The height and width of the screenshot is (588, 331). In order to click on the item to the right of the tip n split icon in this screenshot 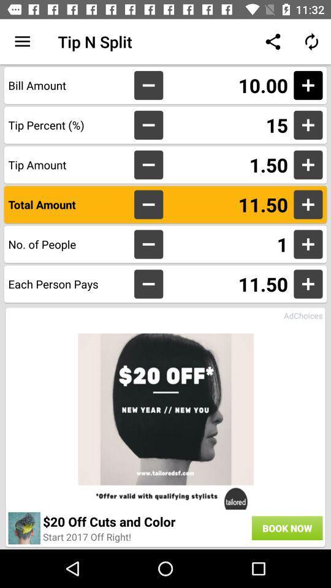, I will do `click(273, 42)`.